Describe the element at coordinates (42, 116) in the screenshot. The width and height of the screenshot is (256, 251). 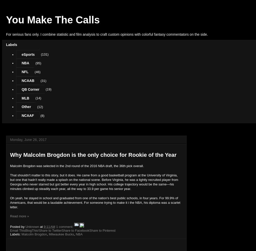
I see `'(8)'` at that location.